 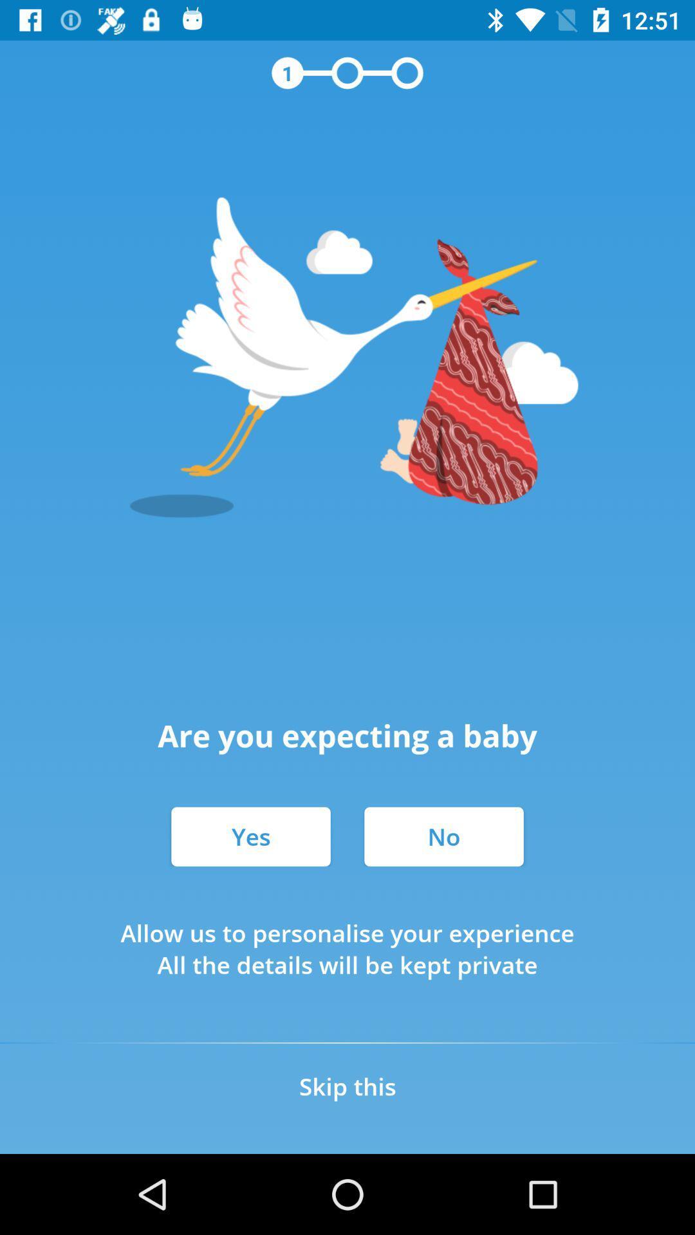 I want to click on the skip this, so click(x=347, y=1086).